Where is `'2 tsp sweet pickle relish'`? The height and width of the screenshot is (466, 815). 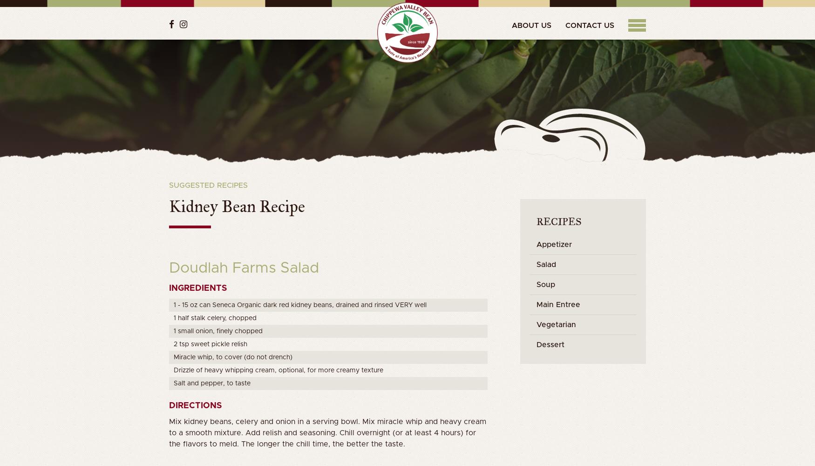
'2 tsp sweet pickle relish' is located at coordinates (211, 344).